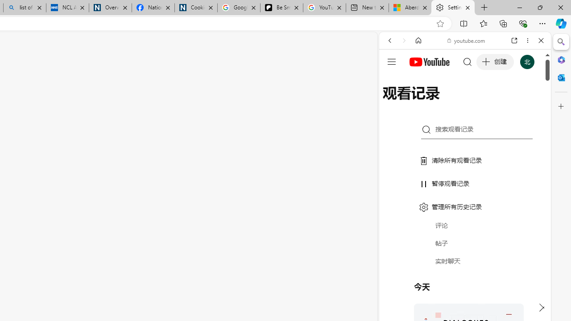 This screenshot has height=321, width=571. I want to click on 'Music', so click(464, 243).